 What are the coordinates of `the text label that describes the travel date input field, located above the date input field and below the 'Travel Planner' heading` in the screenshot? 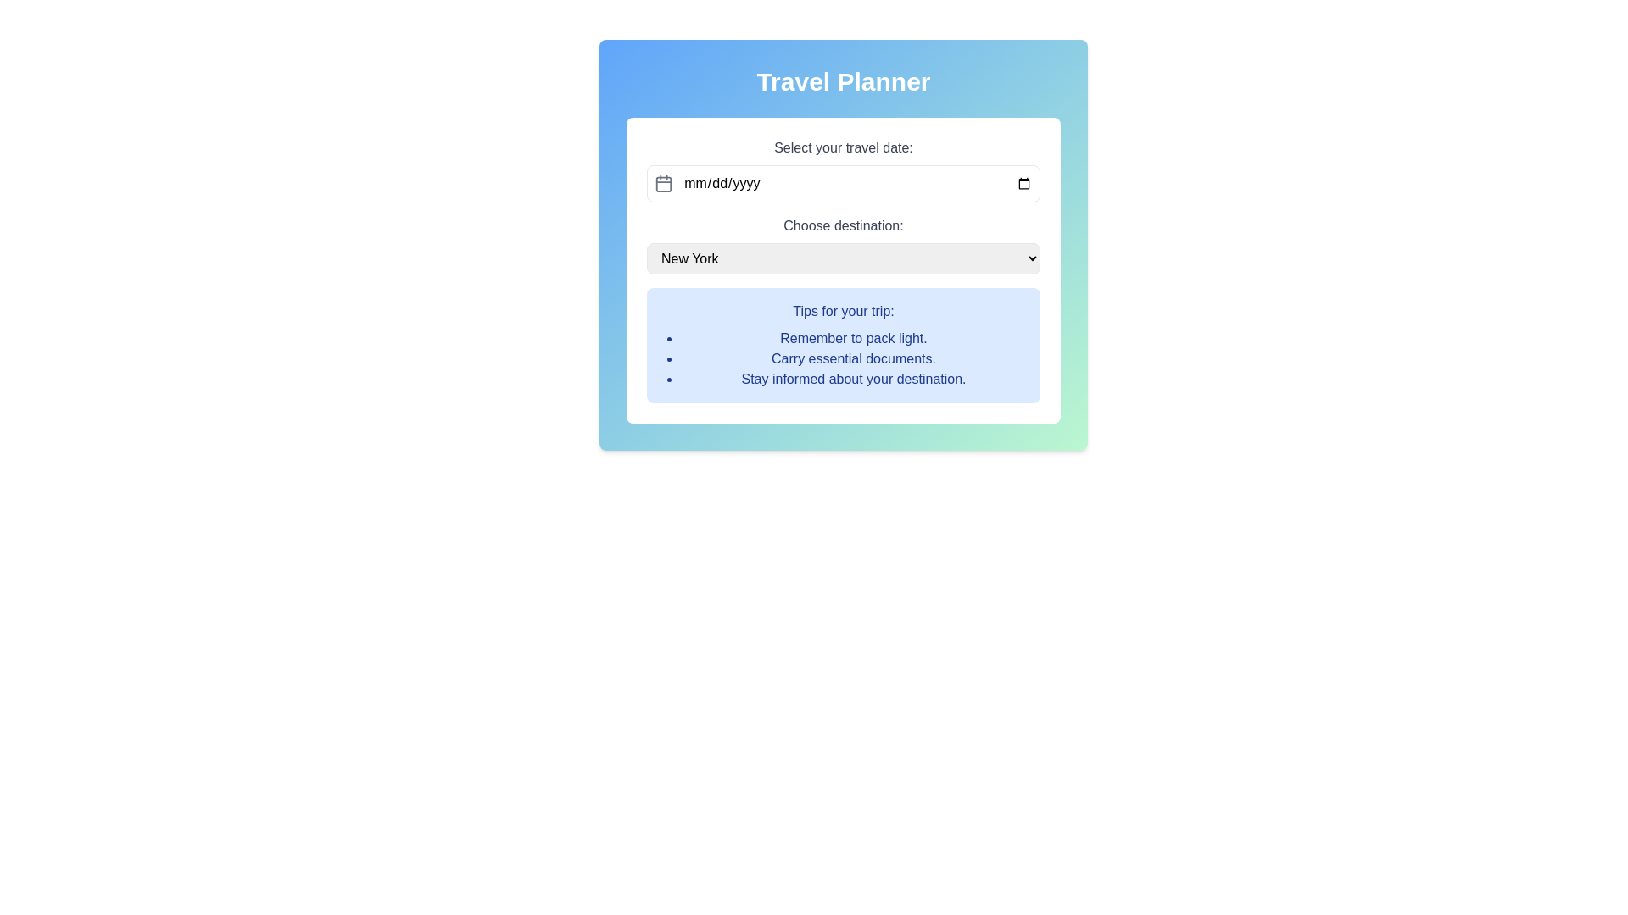 It's located at (843, 147).